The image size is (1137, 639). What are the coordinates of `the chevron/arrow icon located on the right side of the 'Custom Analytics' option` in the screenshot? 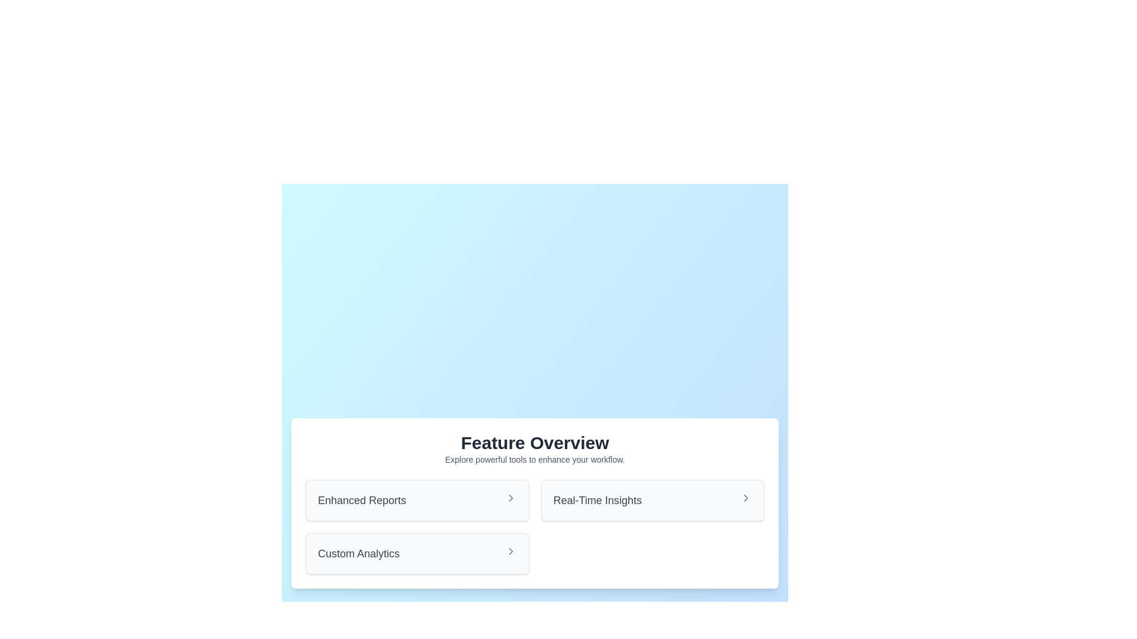 It's located at (510, 551).